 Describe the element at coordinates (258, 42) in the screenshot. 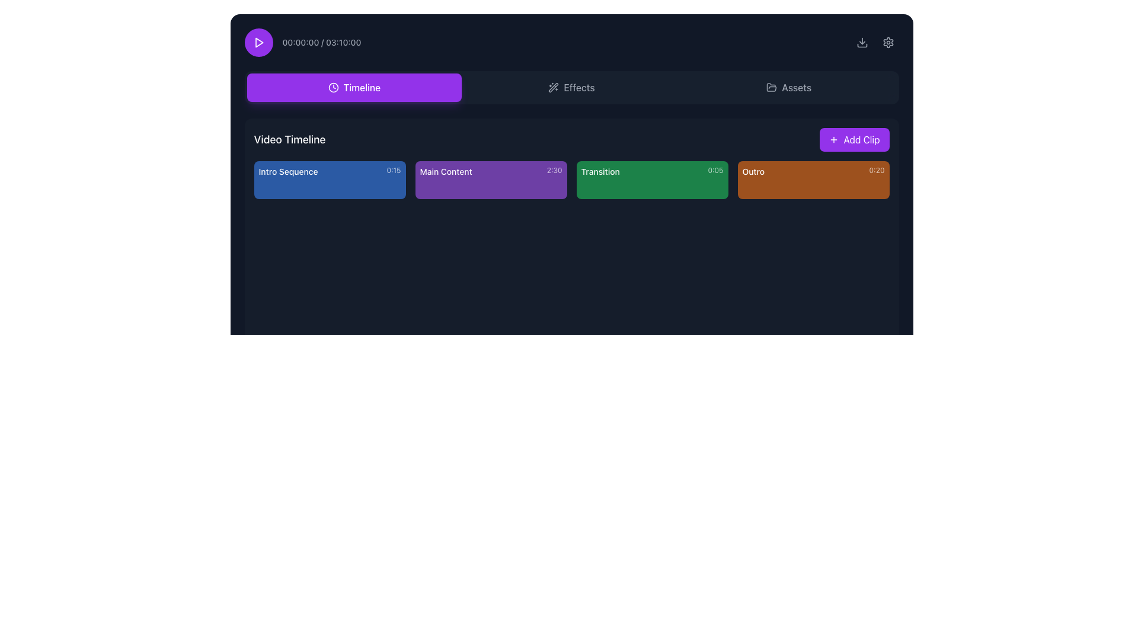

I see `the play icon, which is a small triangular icon inside a circular purple button located in the upper left section of the interface, to initiate playback` at that location.